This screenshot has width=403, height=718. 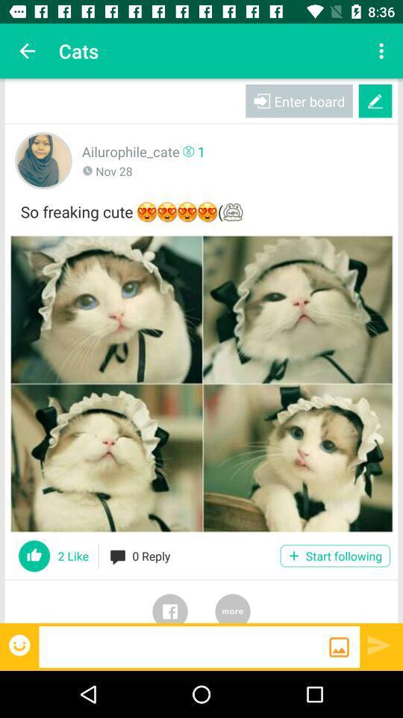 I want to click on shared photo, so click(x=201, y=383).